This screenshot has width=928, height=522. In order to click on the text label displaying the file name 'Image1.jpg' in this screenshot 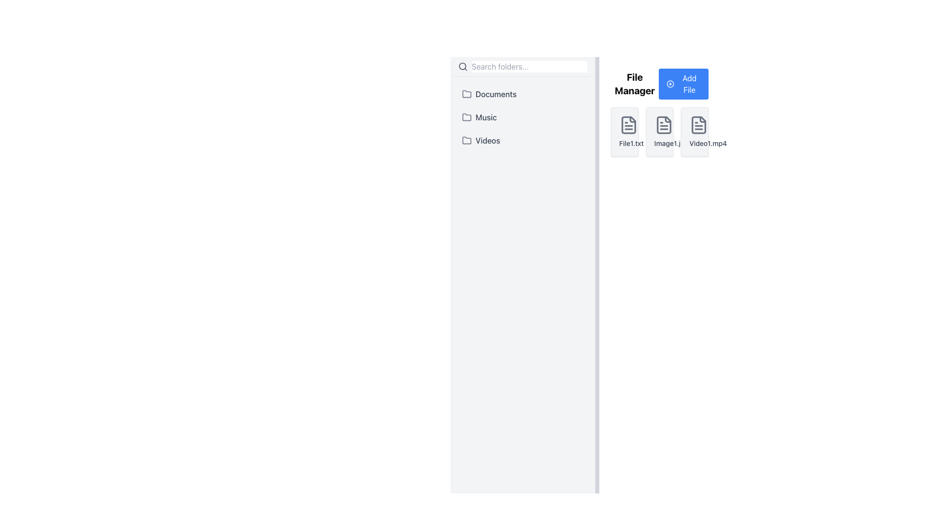, I will do `click(659, 144)`.